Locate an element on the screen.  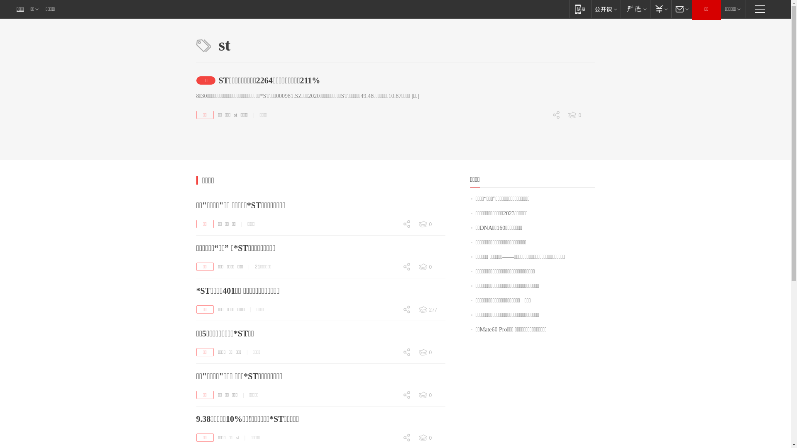
'st' is located at coordinates (235, 115).